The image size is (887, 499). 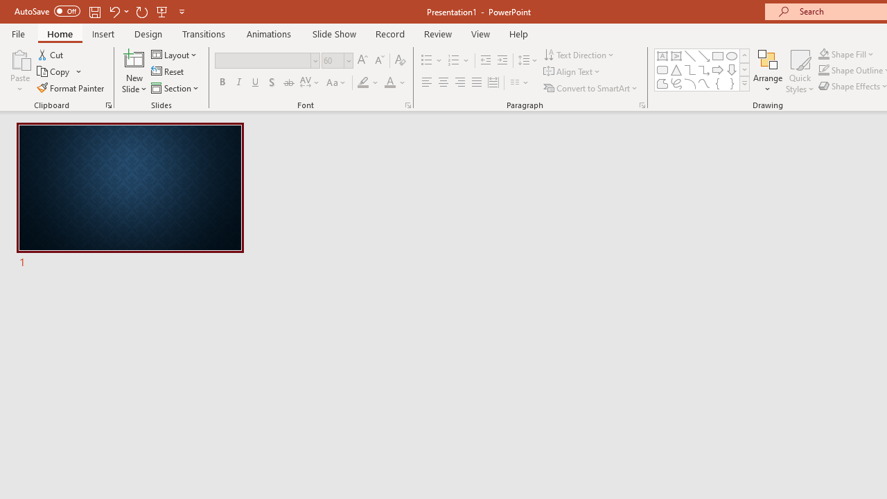 What do you see at coordinates (662, 83) in the screenshot?
I see `'Freeform: Shape'` at bounding box center [662, 83].